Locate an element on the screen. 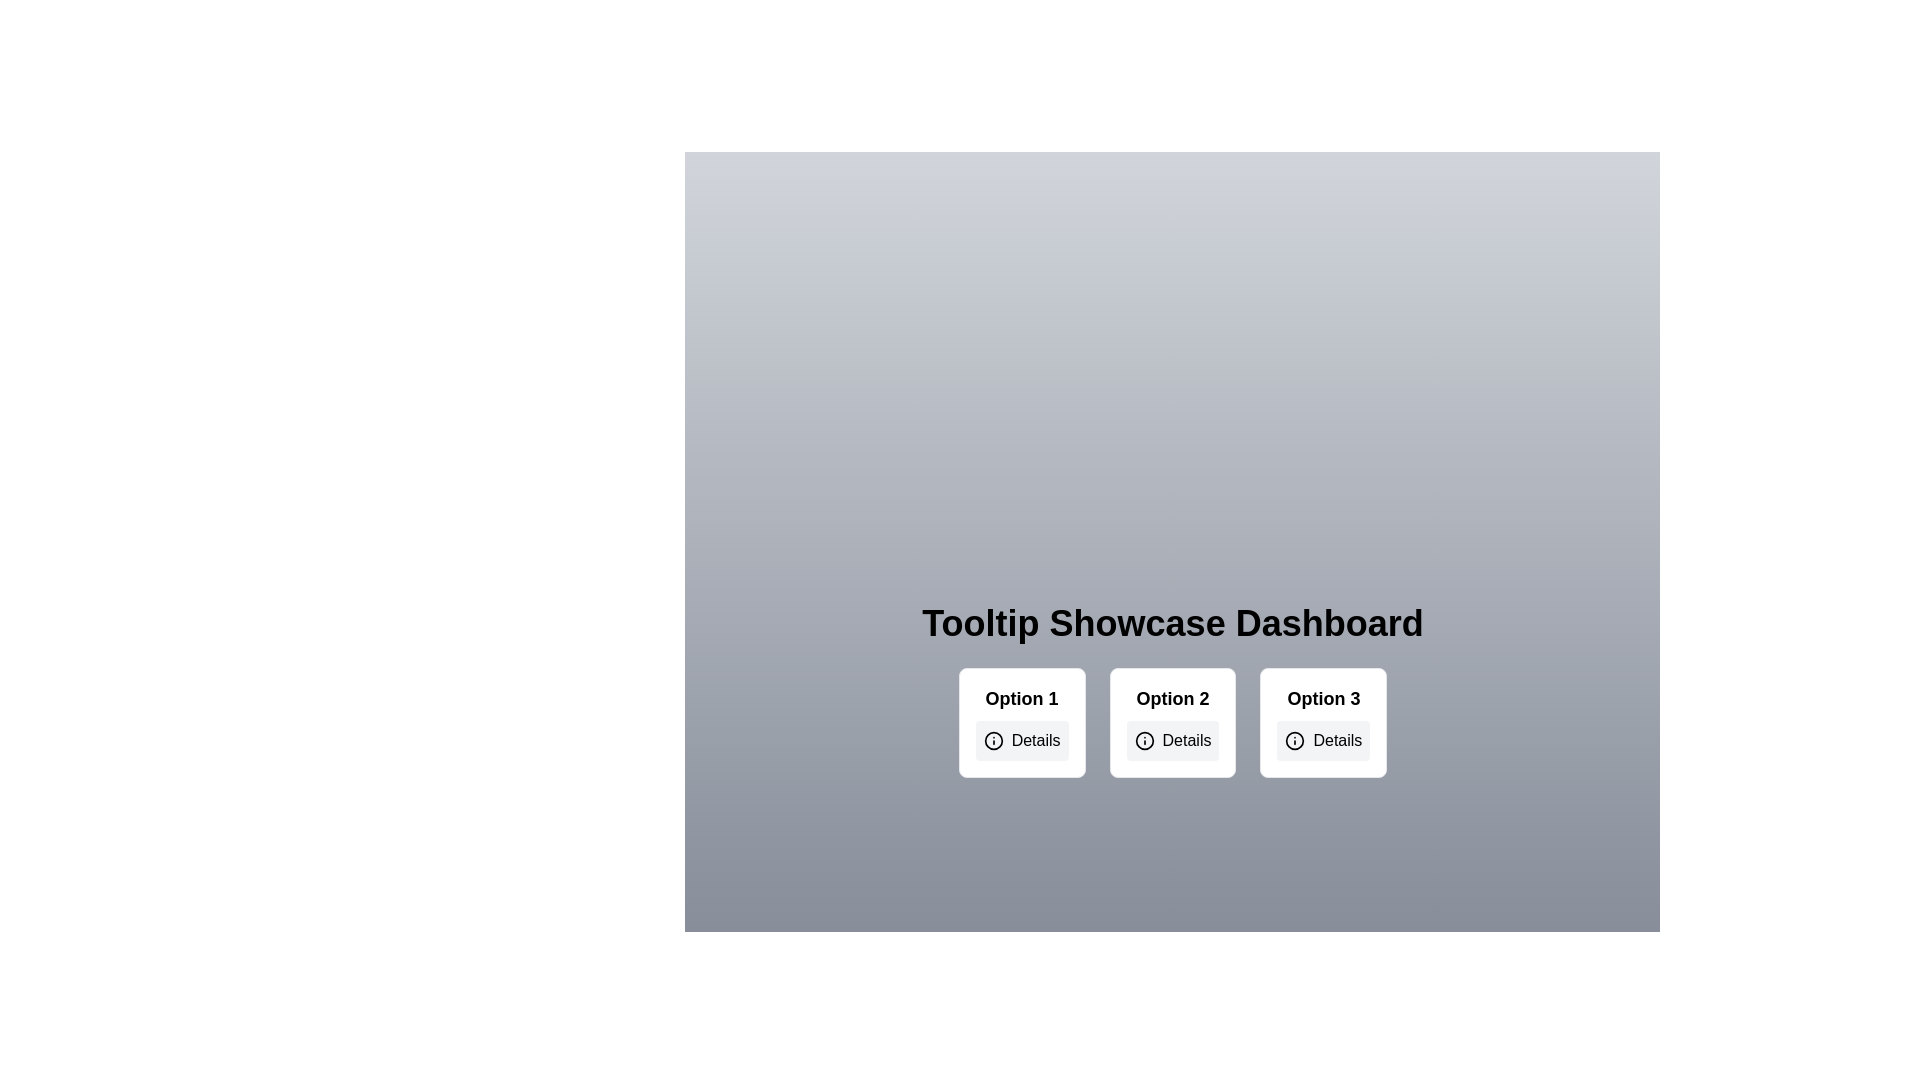 The width and height of the screenshot is (1918, 1079). the 'Details' button is located at coordinates (1173, 740).